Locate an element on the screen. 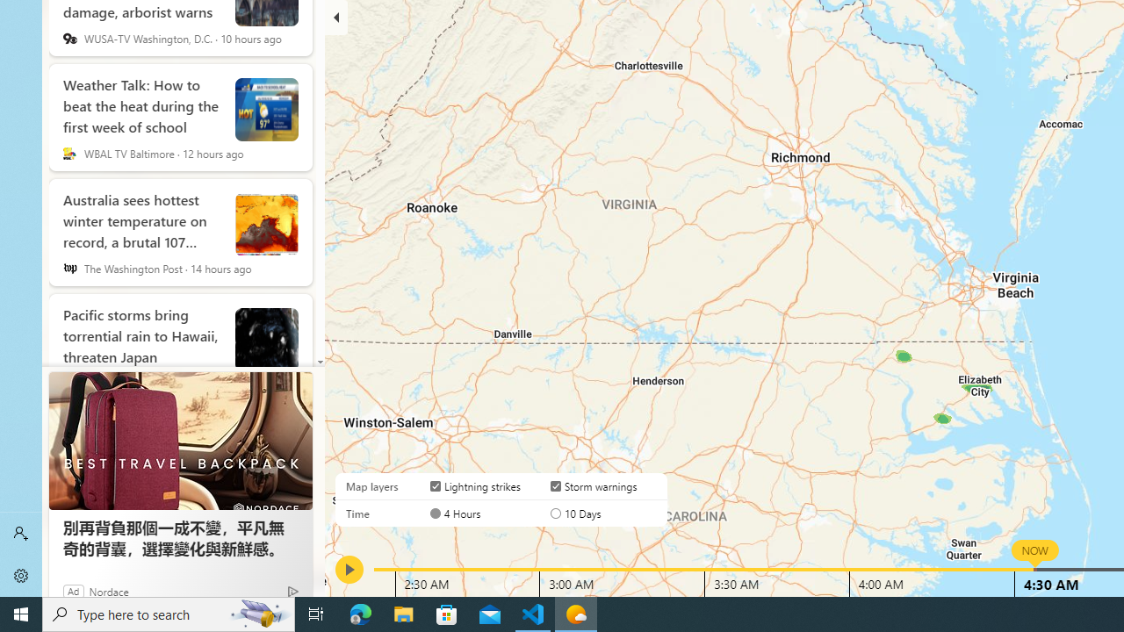 The image size is (1124, 632). 'Microsoft Edge' is located at coordinates (360, 613).